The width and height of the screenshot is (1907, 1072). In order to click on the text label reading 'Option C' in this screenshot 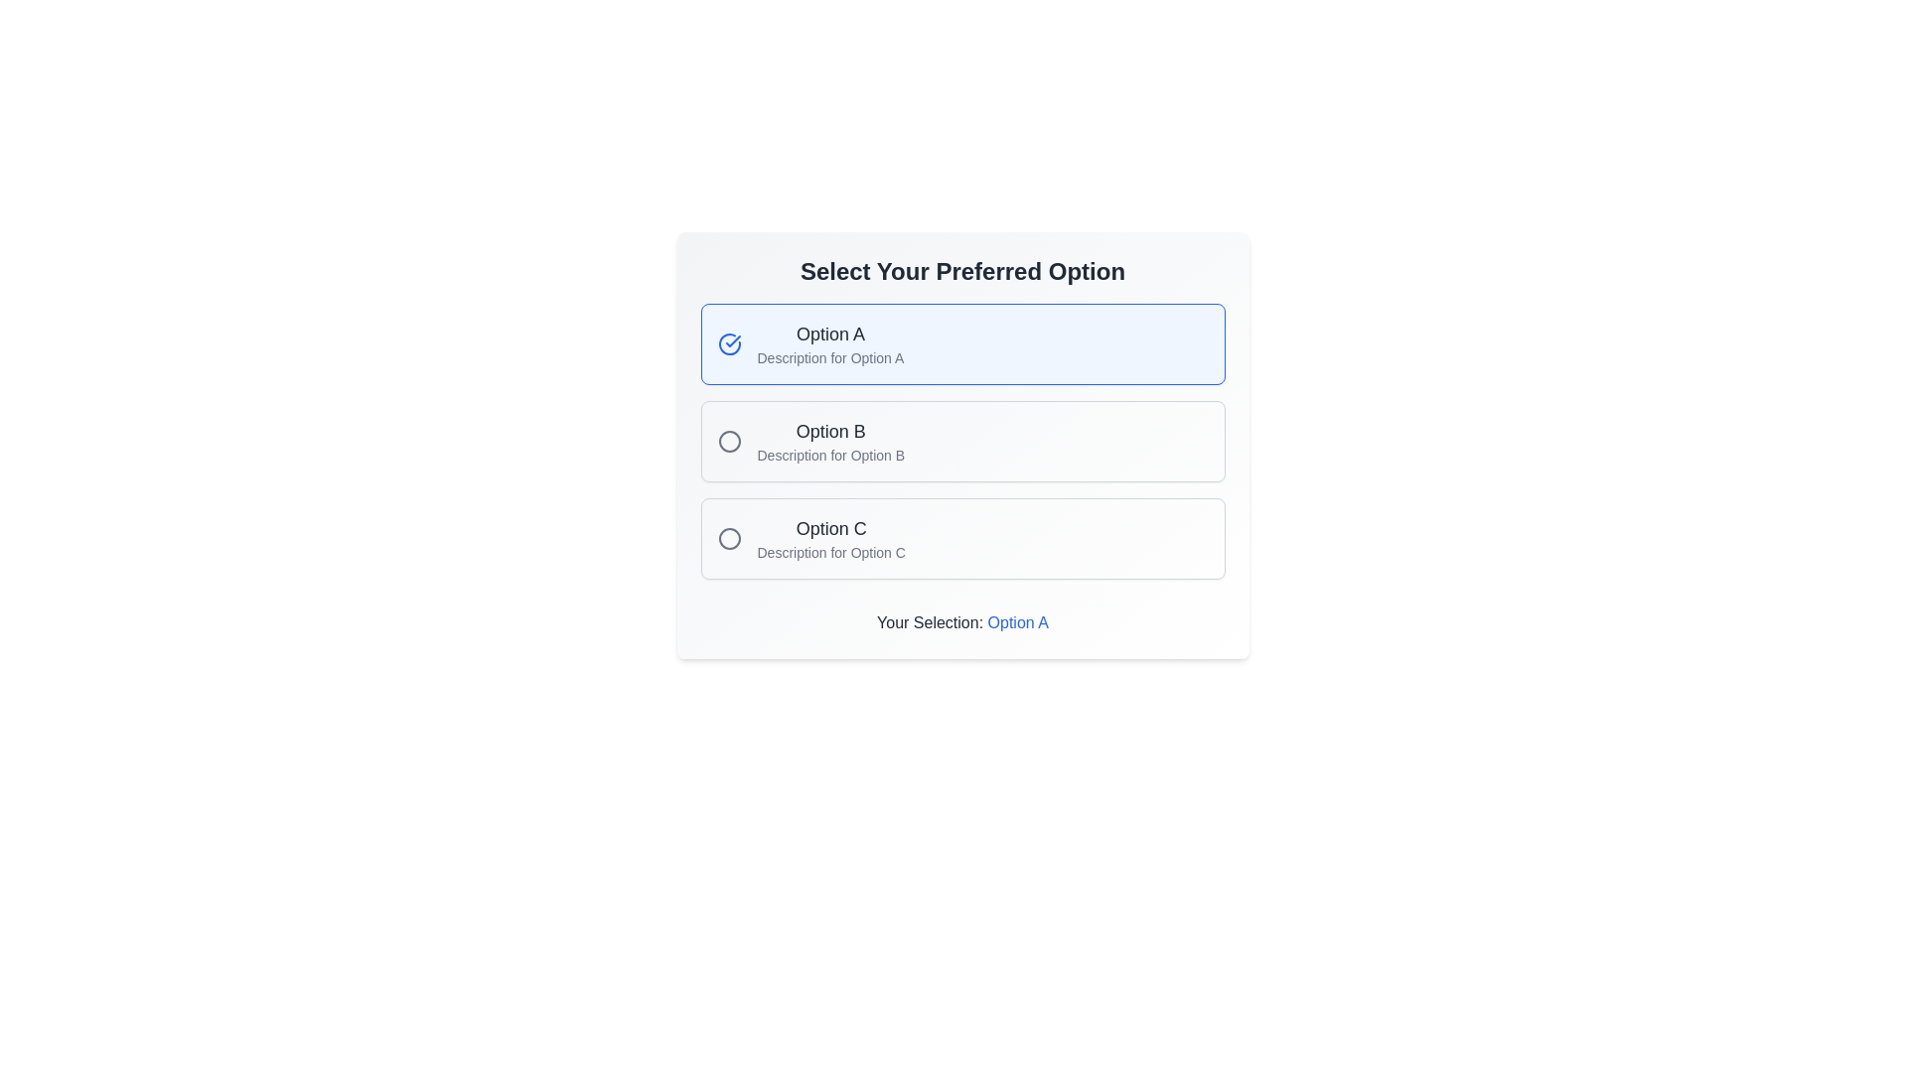, I will do `click(831, 527)`.